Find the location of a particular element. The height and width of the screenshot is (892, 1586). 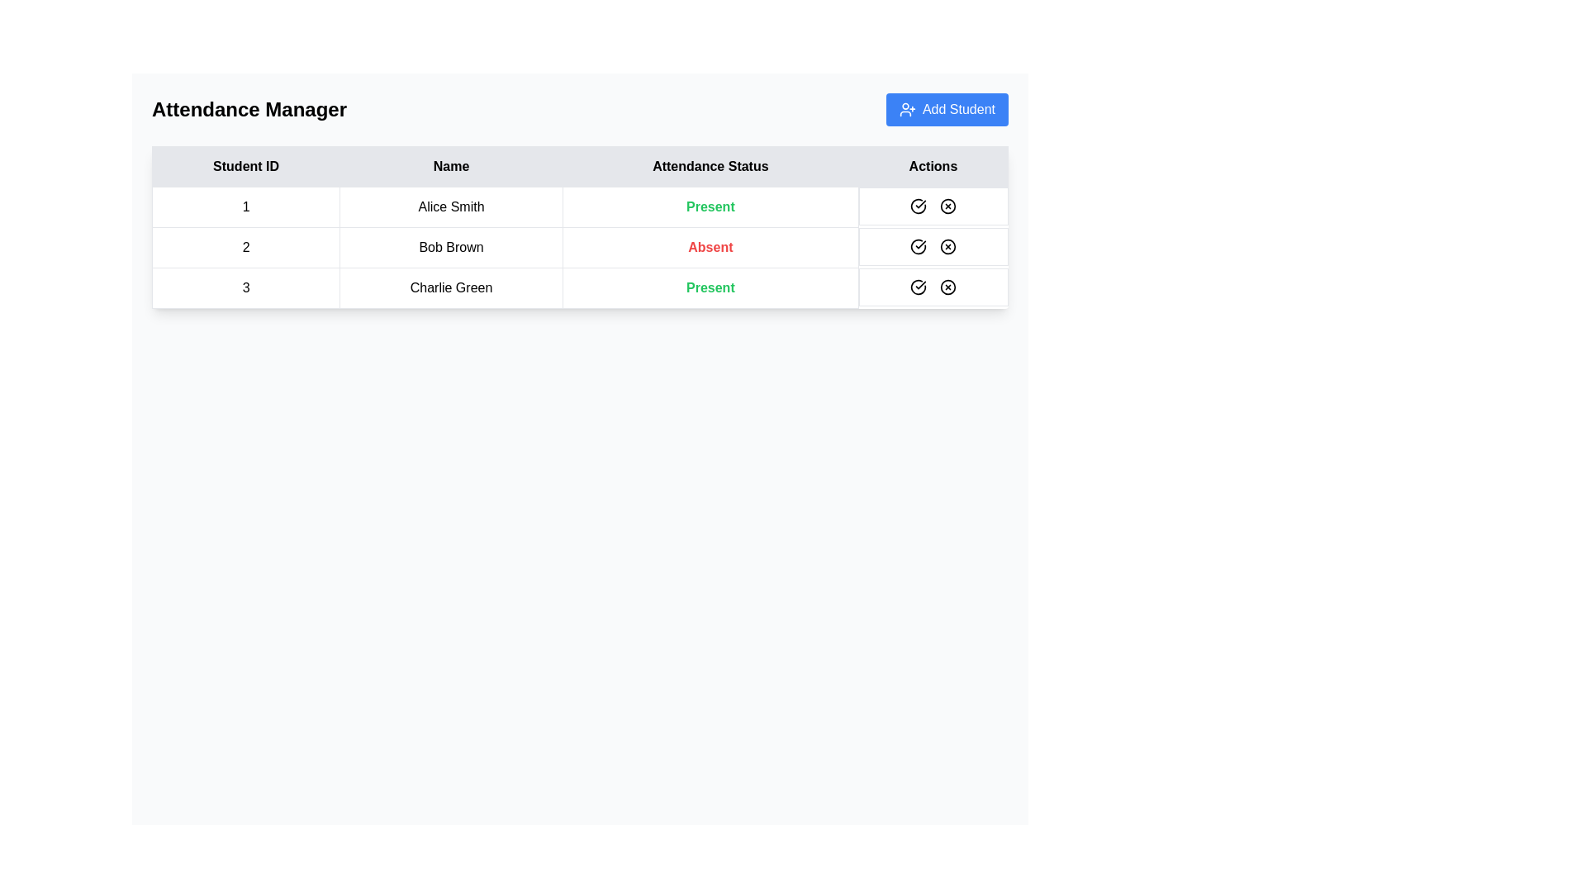

displayed numeral '3' in the 'Student ID' column of the table row for 'Charlie Green' is located at coordinates (245, 287).